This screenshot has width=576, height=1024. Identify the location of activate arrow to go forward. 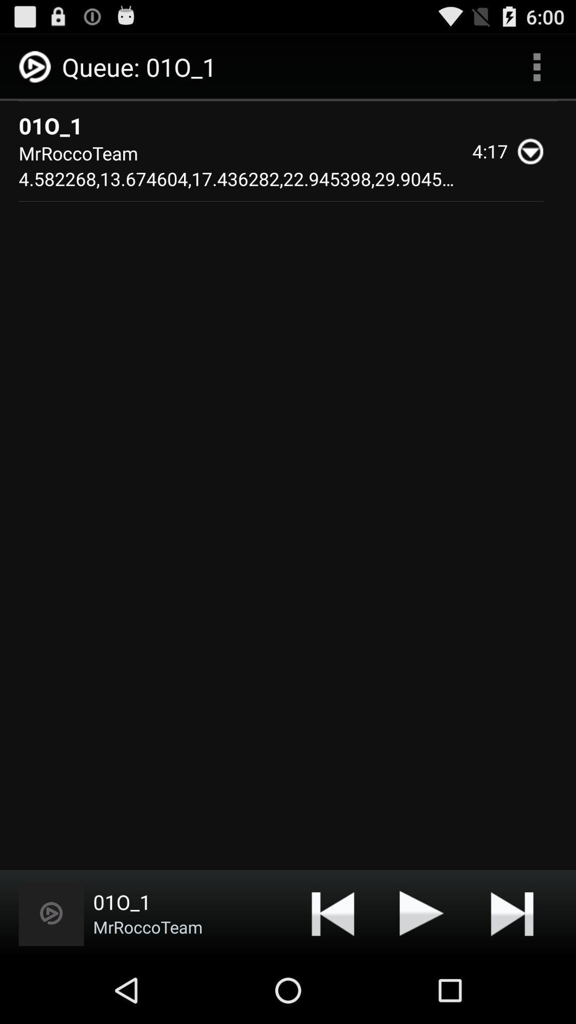
(511, 913).